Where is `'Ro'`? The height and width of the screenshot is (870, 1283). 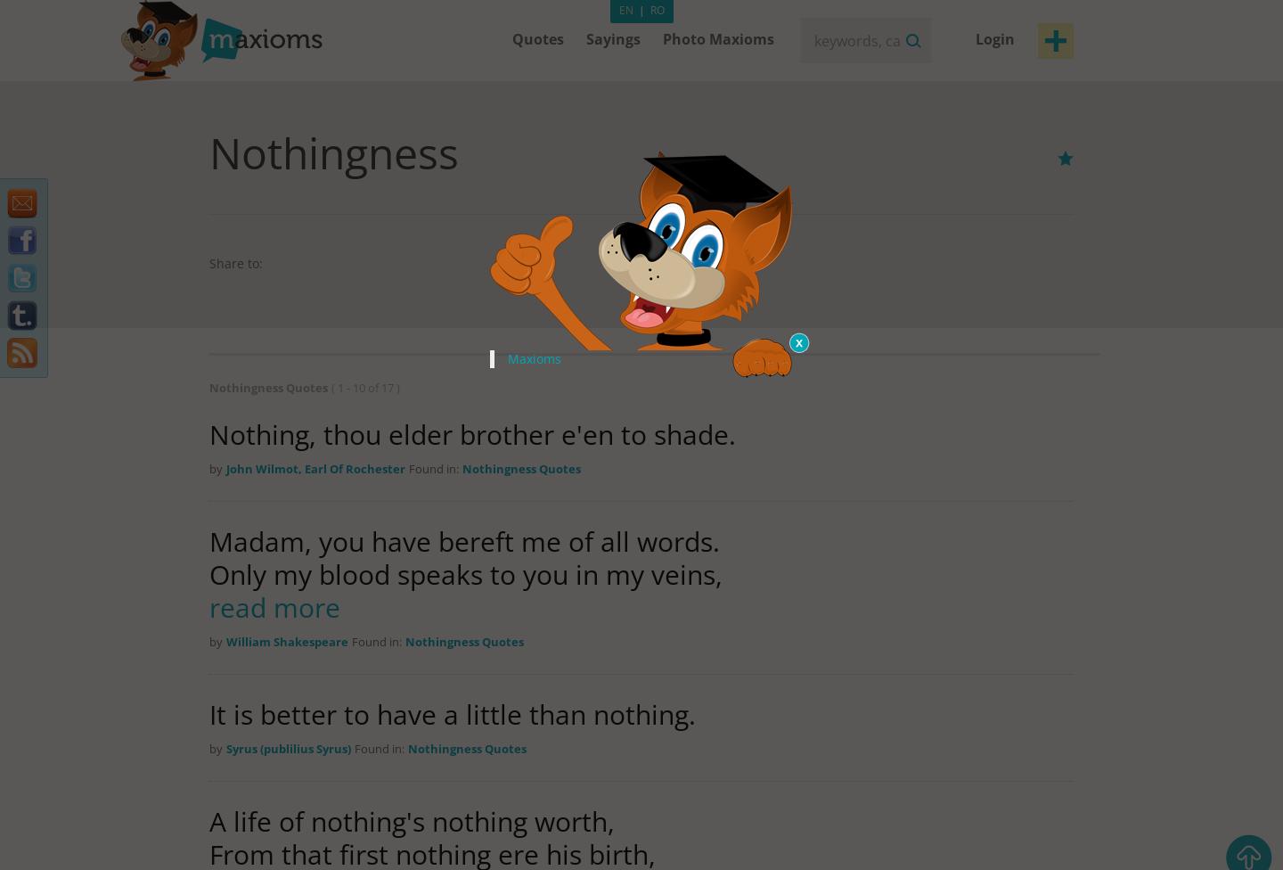 'Ro' is located at coordinates (656, 10).